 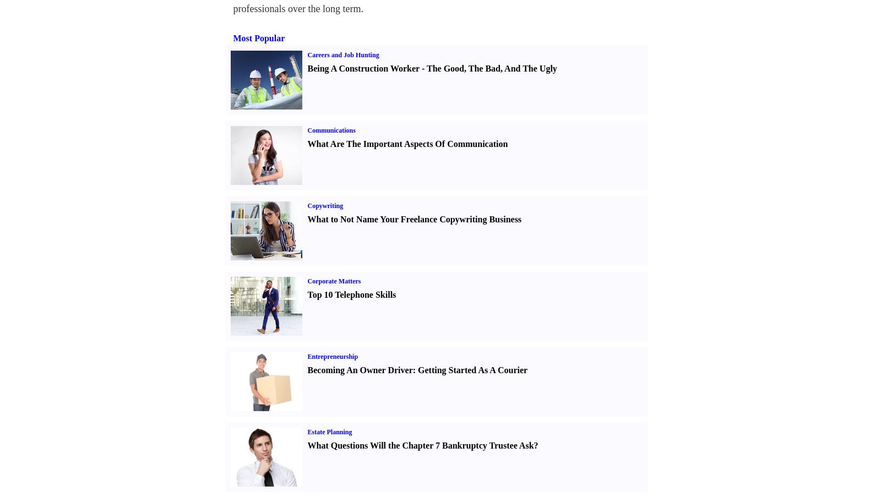 What do you see at coordinates (535, 445) in the screenshot?
I see `'?'` at bounding box center [535, 445].